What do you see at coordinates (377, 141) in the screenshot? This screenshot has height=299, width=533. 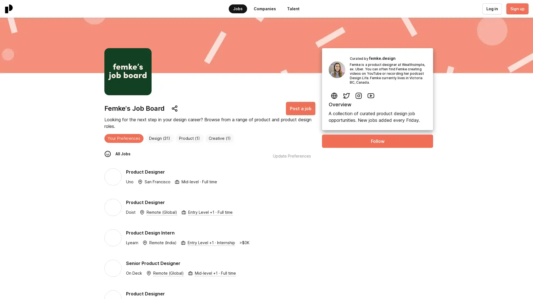 I see `Follow` at bounding box center [377, 141].